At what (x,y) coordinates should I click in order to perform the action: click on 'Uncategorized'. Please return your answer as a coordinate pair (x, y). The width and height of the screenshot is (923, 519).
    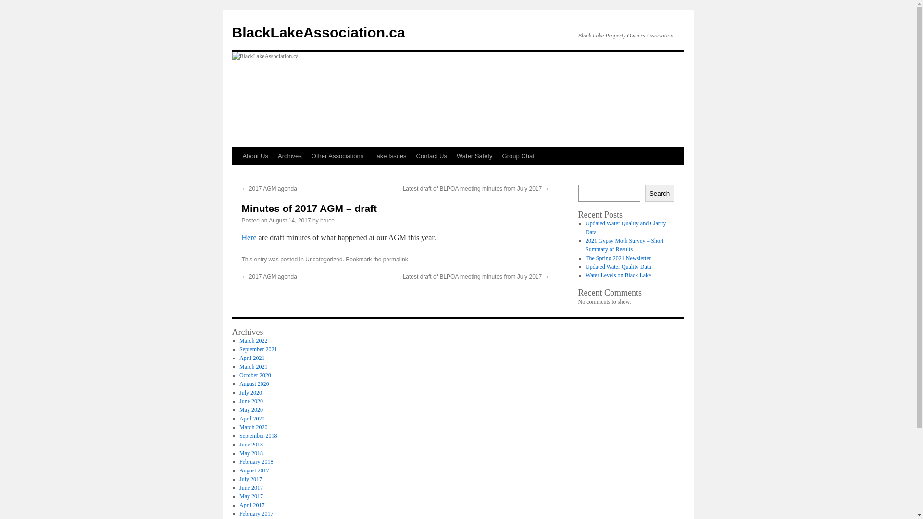
    Looking at the image, I should click on (324, 259).